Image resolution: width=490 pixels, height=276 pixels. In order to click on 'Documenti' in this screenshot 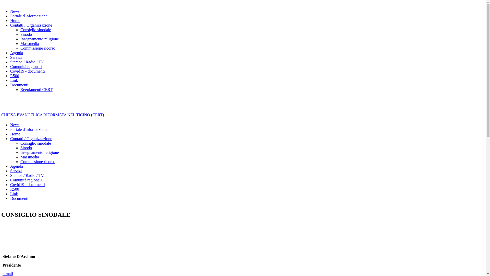, I will do `click(19, 85)`.